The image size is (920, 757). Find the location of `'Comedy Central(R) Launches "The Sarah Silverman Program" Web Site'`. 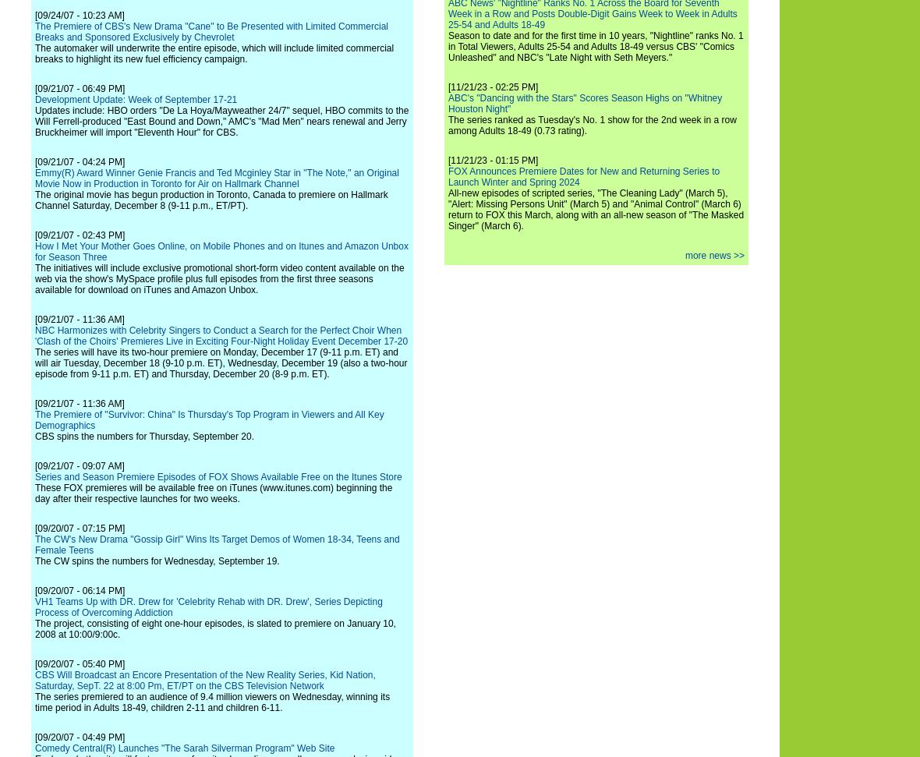

'Comedy Central(R) Launches "The Sarah Silverman Program" Web Site' is located at coordinates (184, 748).